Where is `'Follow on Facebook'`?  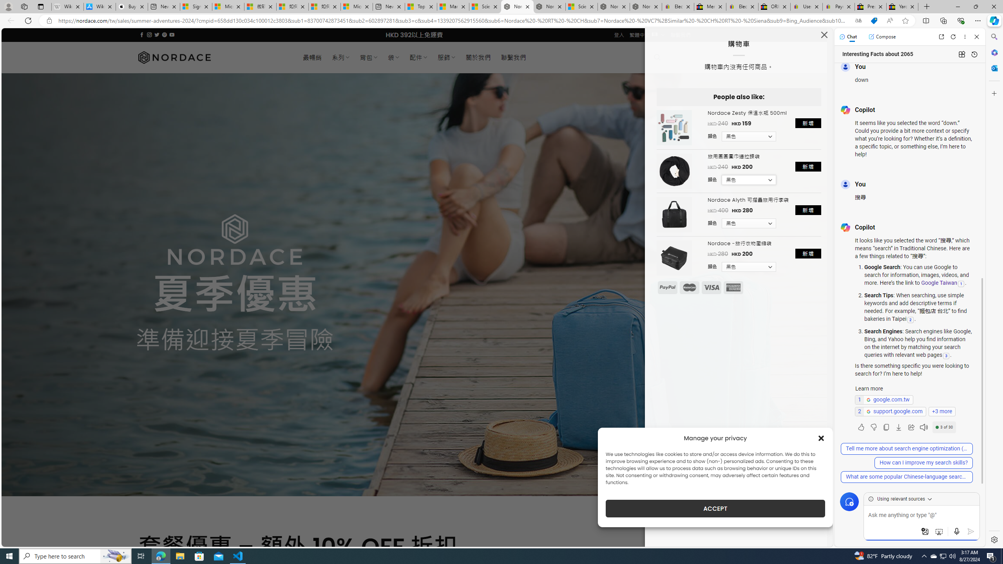
'Follow on Facebook' is located at coordinates (142, 34).